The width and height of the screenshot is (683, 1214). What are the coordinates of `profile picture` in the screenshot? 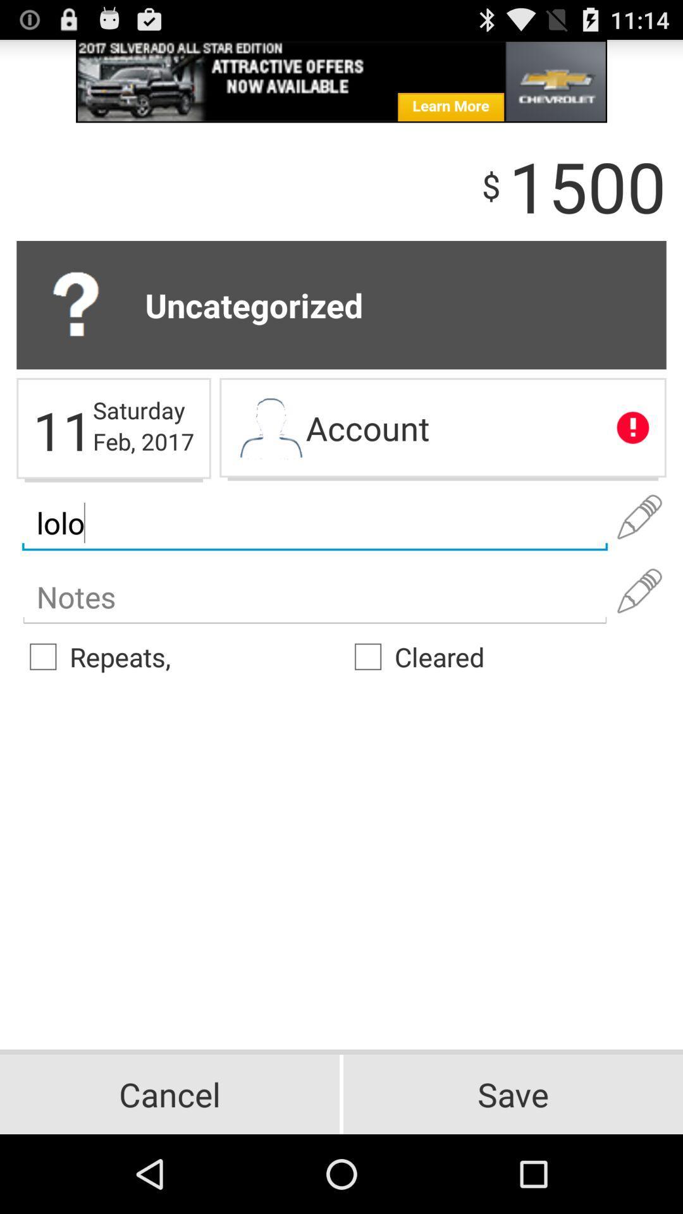 It's located at (270, 429).